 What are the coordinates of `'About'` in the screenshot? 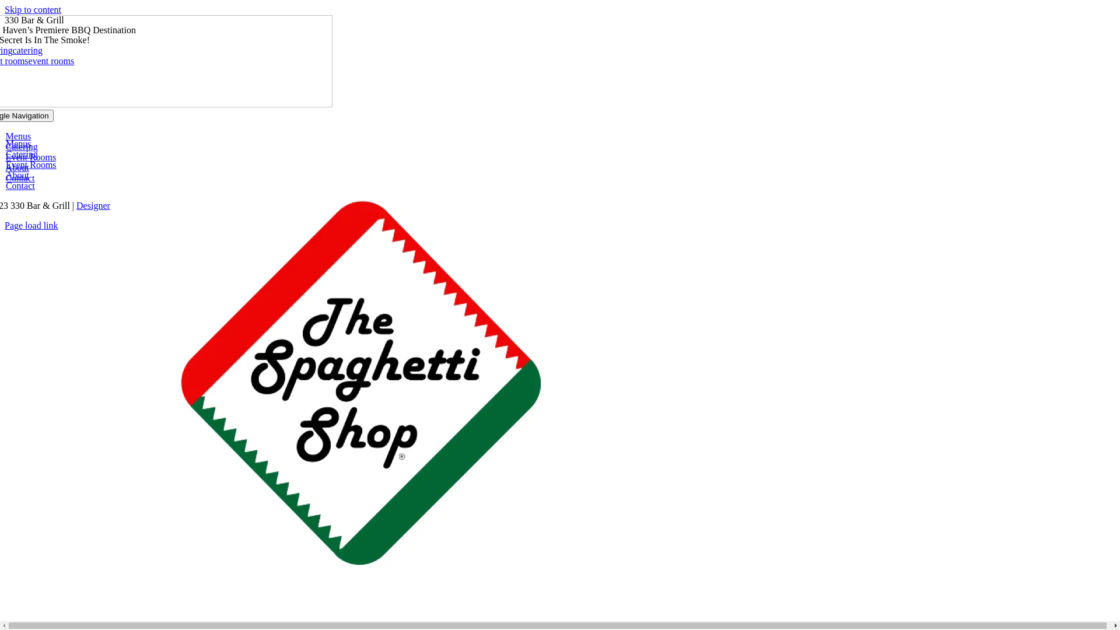 It's located at (17, 167).